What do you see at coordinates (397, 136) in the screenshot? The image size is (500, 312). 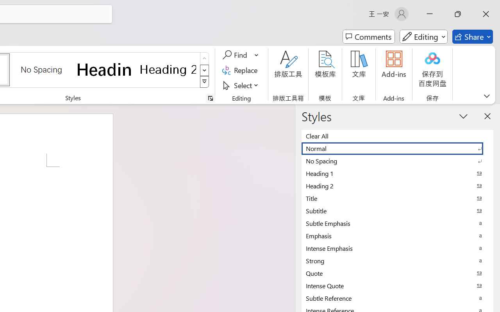 I see `'Clear All'` at bounding box center [397, 136].